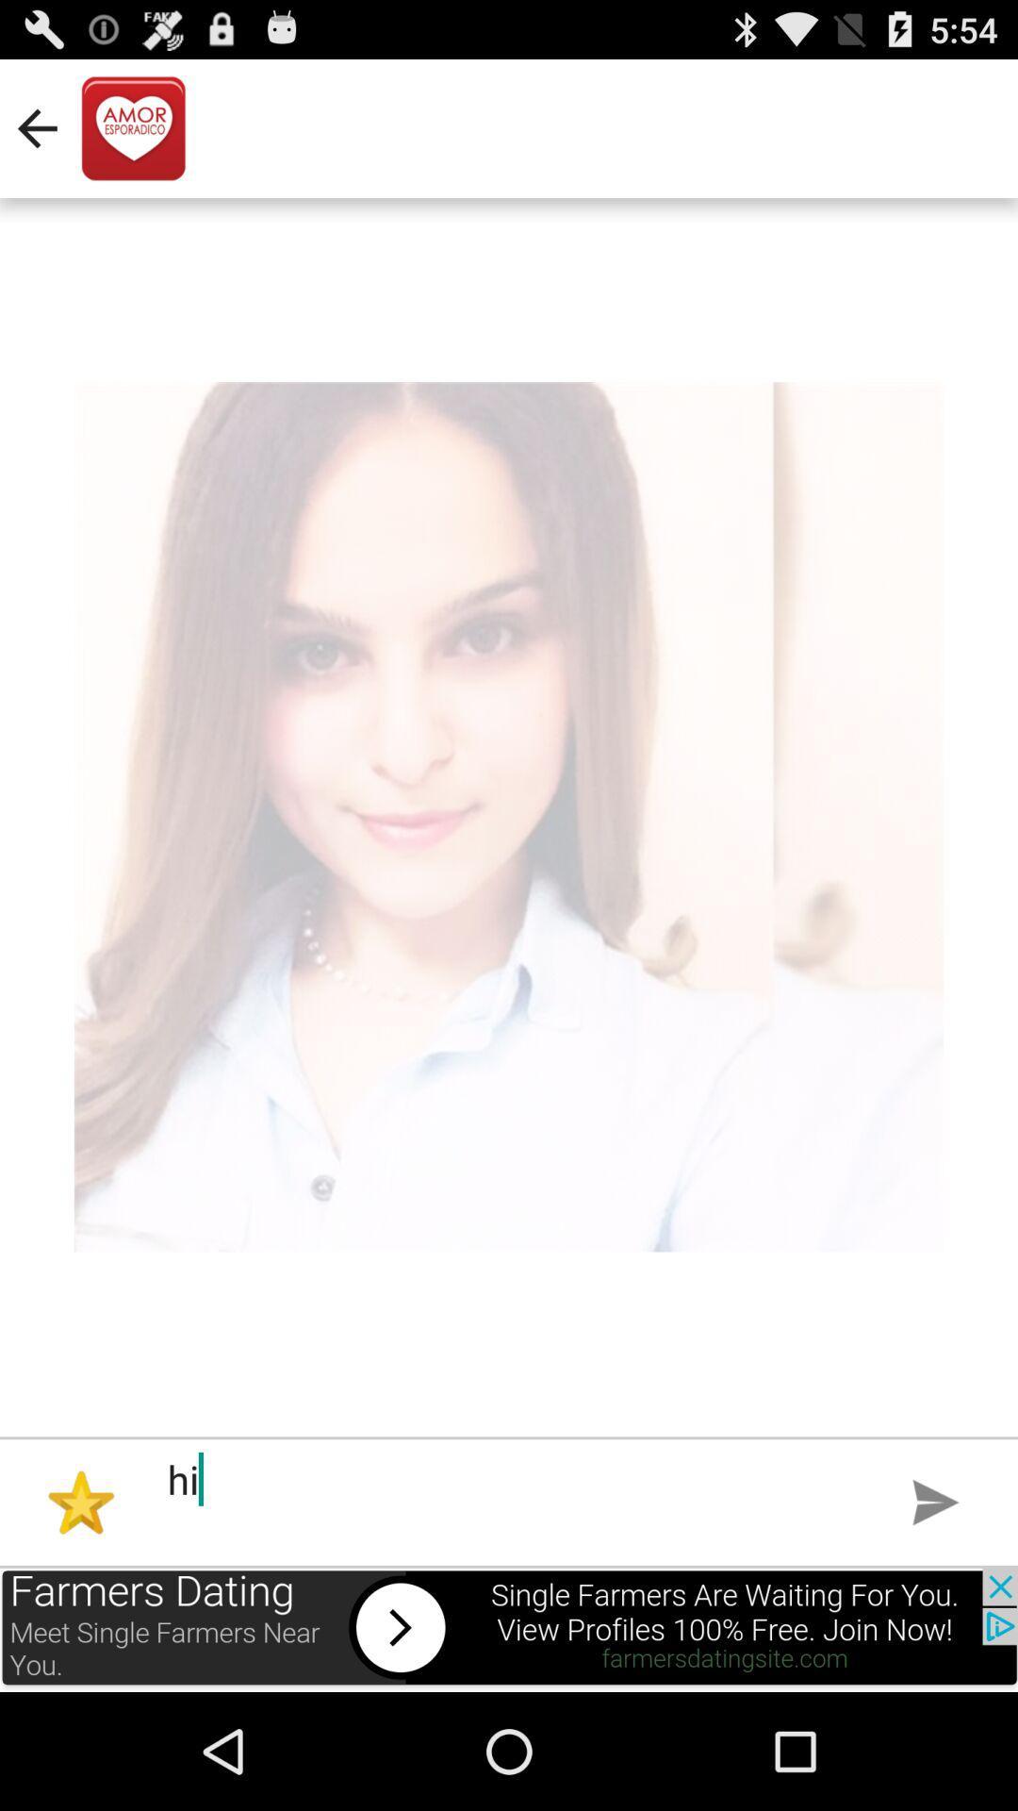 The width and height of the screenshot is (1018, 1811). What do you see at coordinates (80, 1606) in the screenshot?
I see `the star icon` at bounding box center [80, 1606].